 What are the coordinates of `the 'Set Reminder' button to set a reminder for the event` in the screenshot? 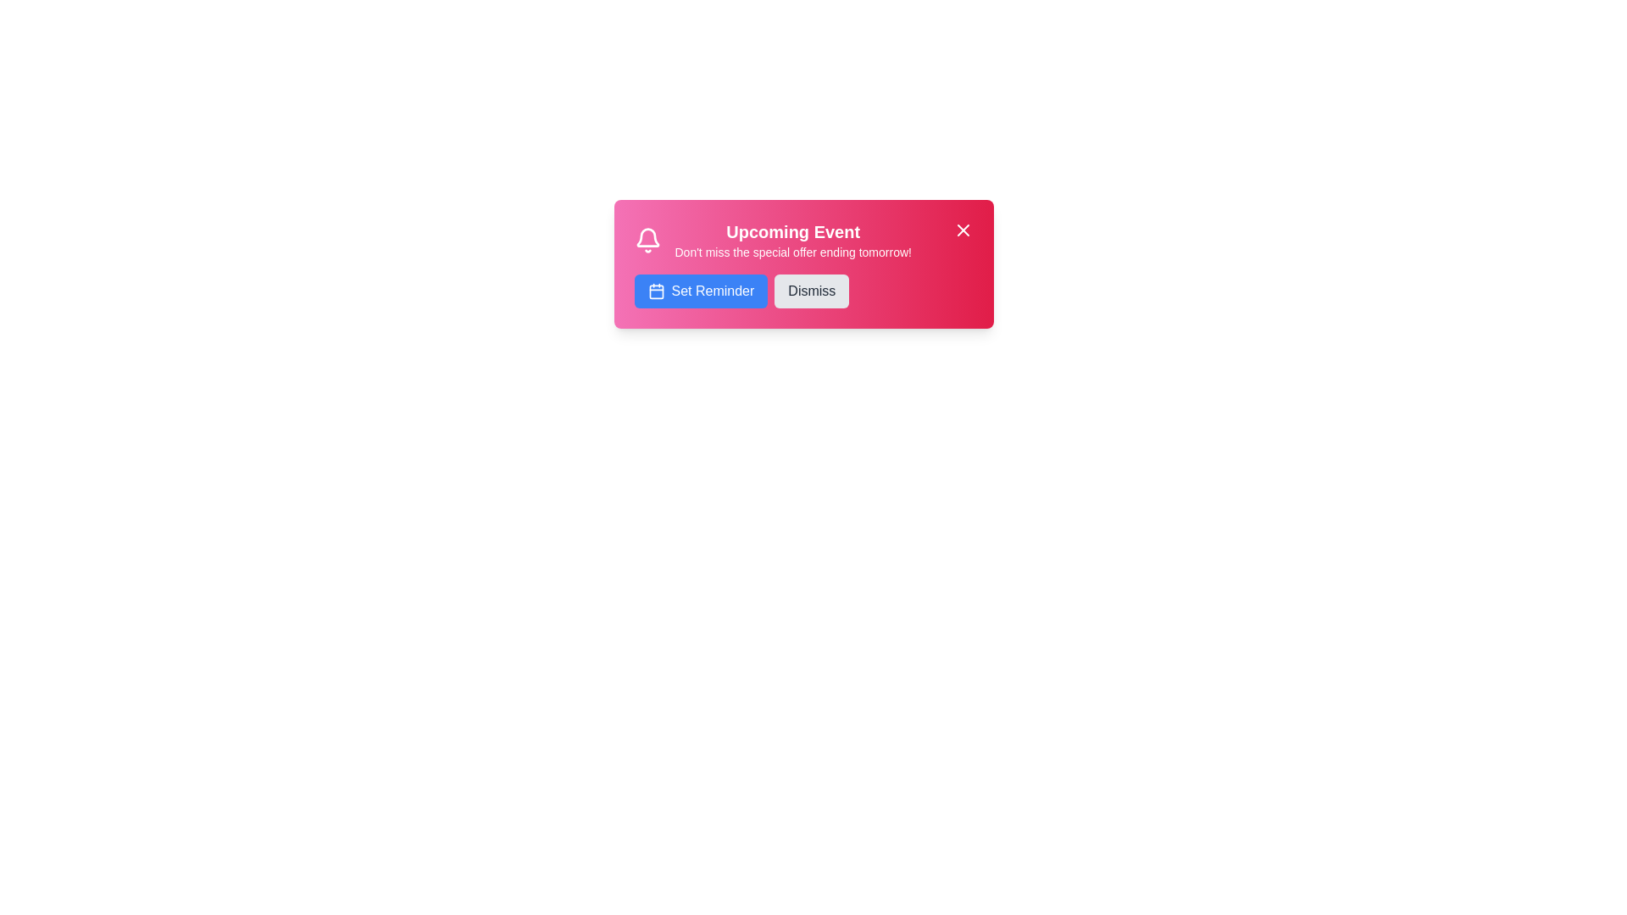 It's located at (700, 290).